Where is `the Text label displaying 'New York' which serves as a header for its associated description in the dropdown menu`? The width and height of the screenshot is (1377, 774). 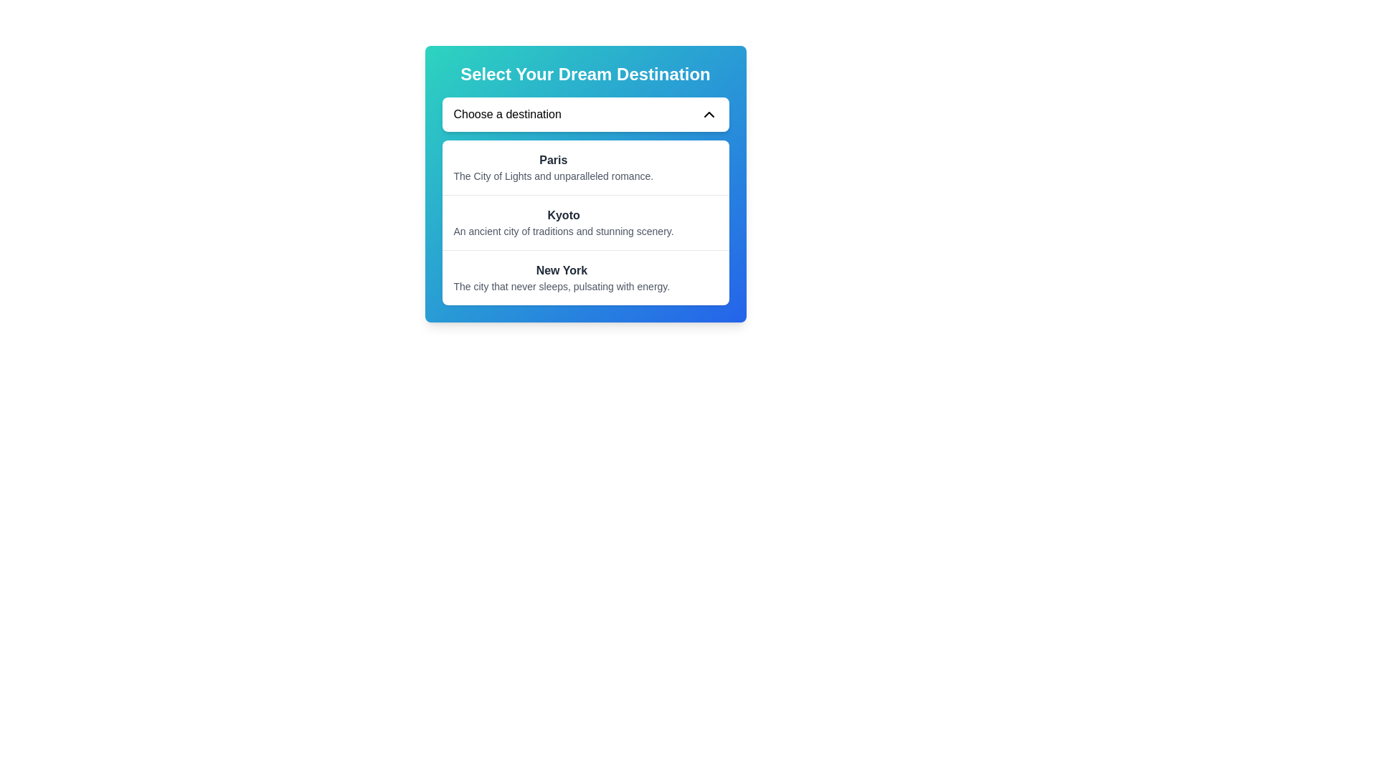
the Text label displaying 'New York' which serves as a header for its associated description in the dropdown menu is located at coordinates (561, 271).